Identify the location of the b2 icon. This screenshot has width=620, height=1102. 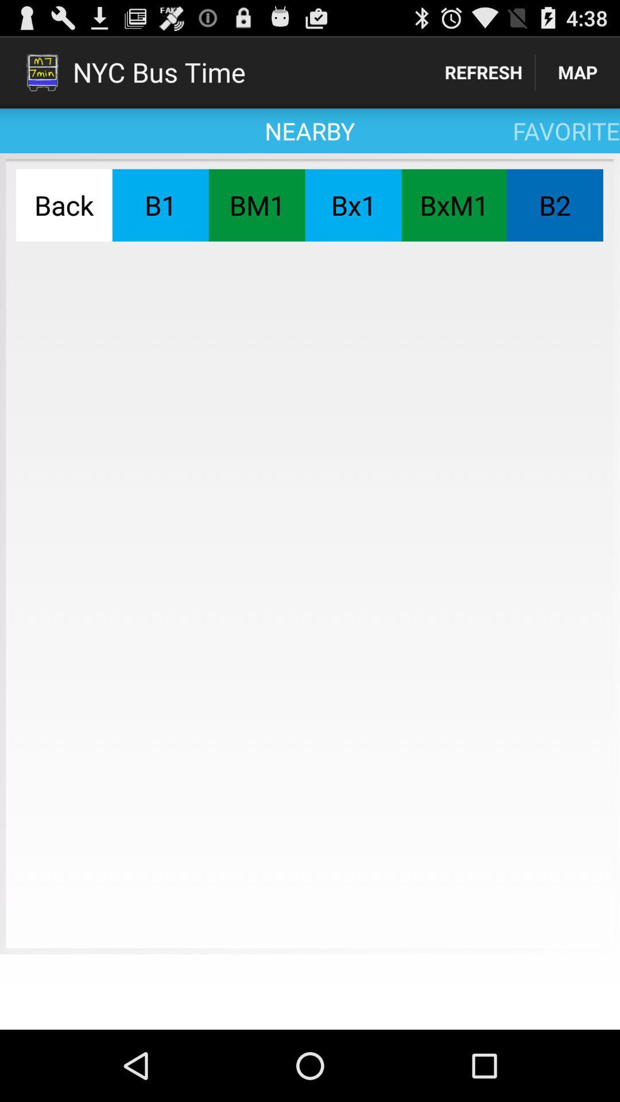
(554, 205).